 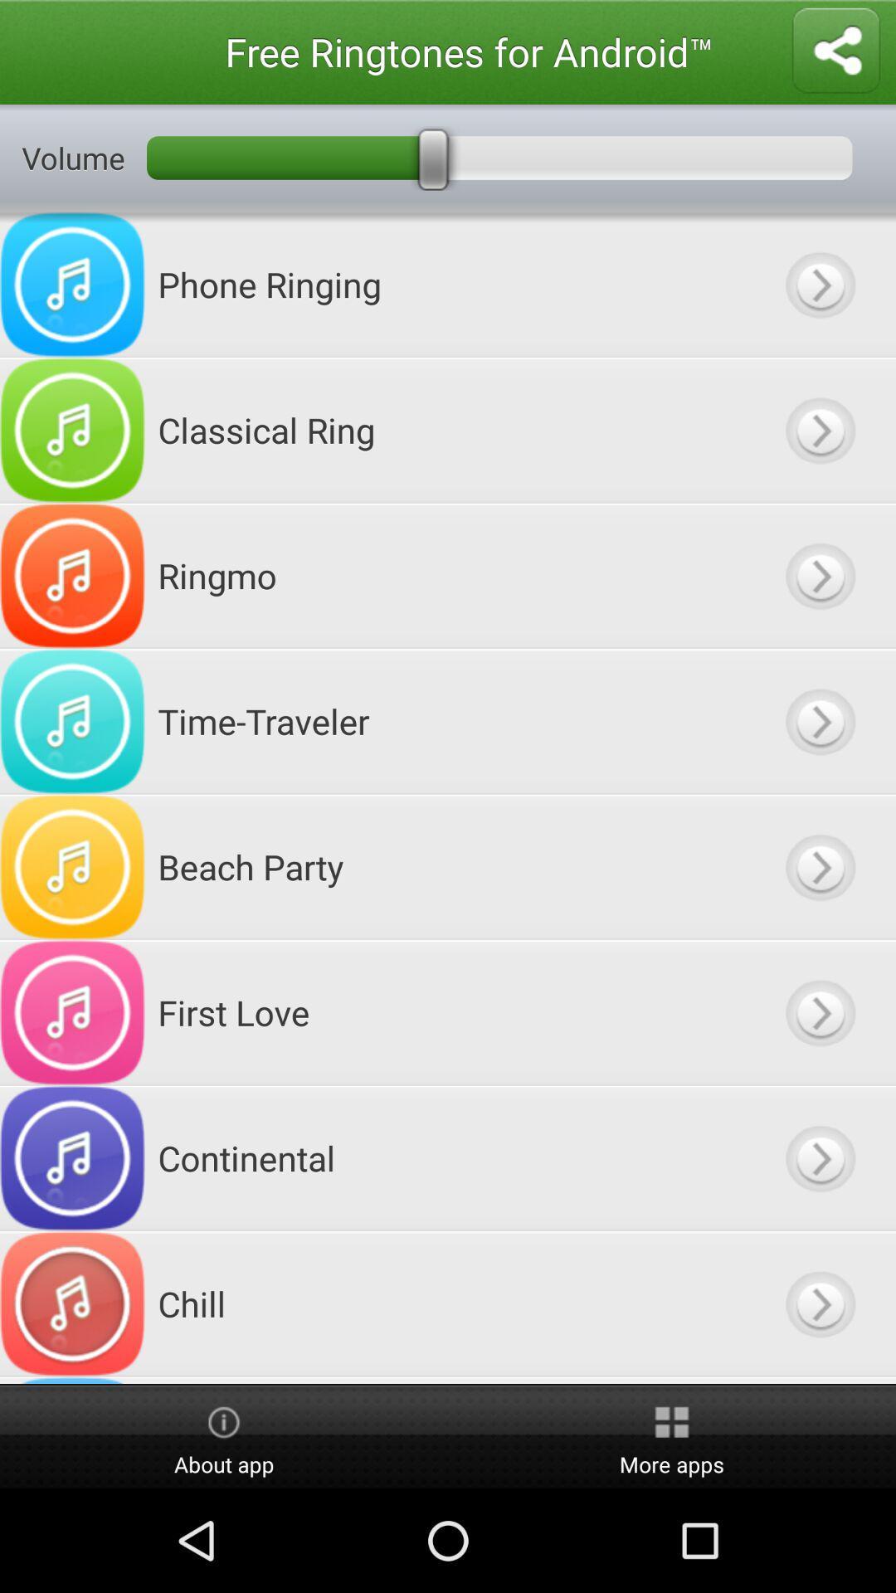 I want to click on free ringtones chill option, so click(x=819, y=1303).